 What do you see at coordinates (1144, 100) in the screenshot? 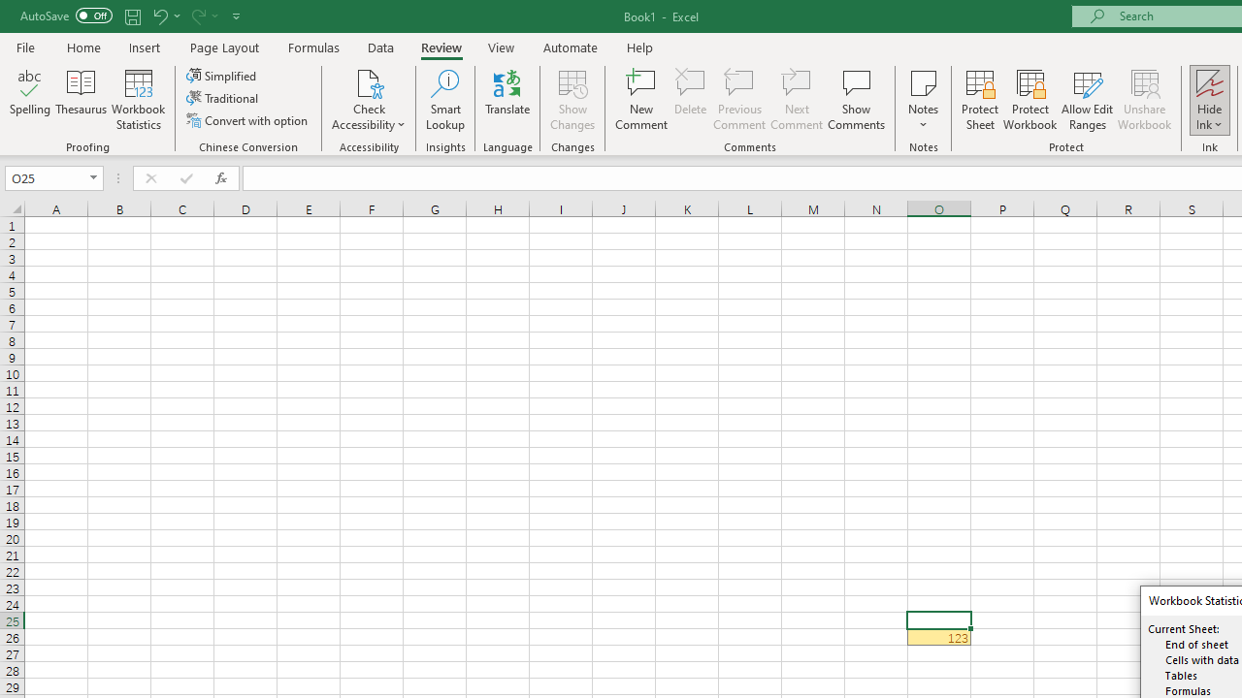
I see `'Unshare Workbook'` at bounding box center [1144, 100].